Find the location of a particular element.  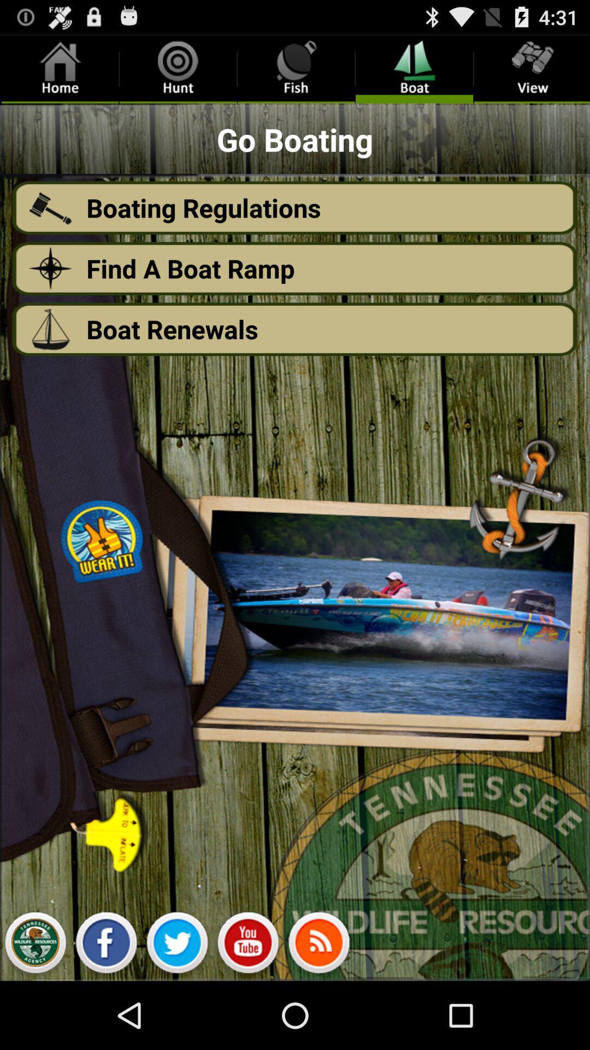

click on facebook is located at coordinates (106, 945).